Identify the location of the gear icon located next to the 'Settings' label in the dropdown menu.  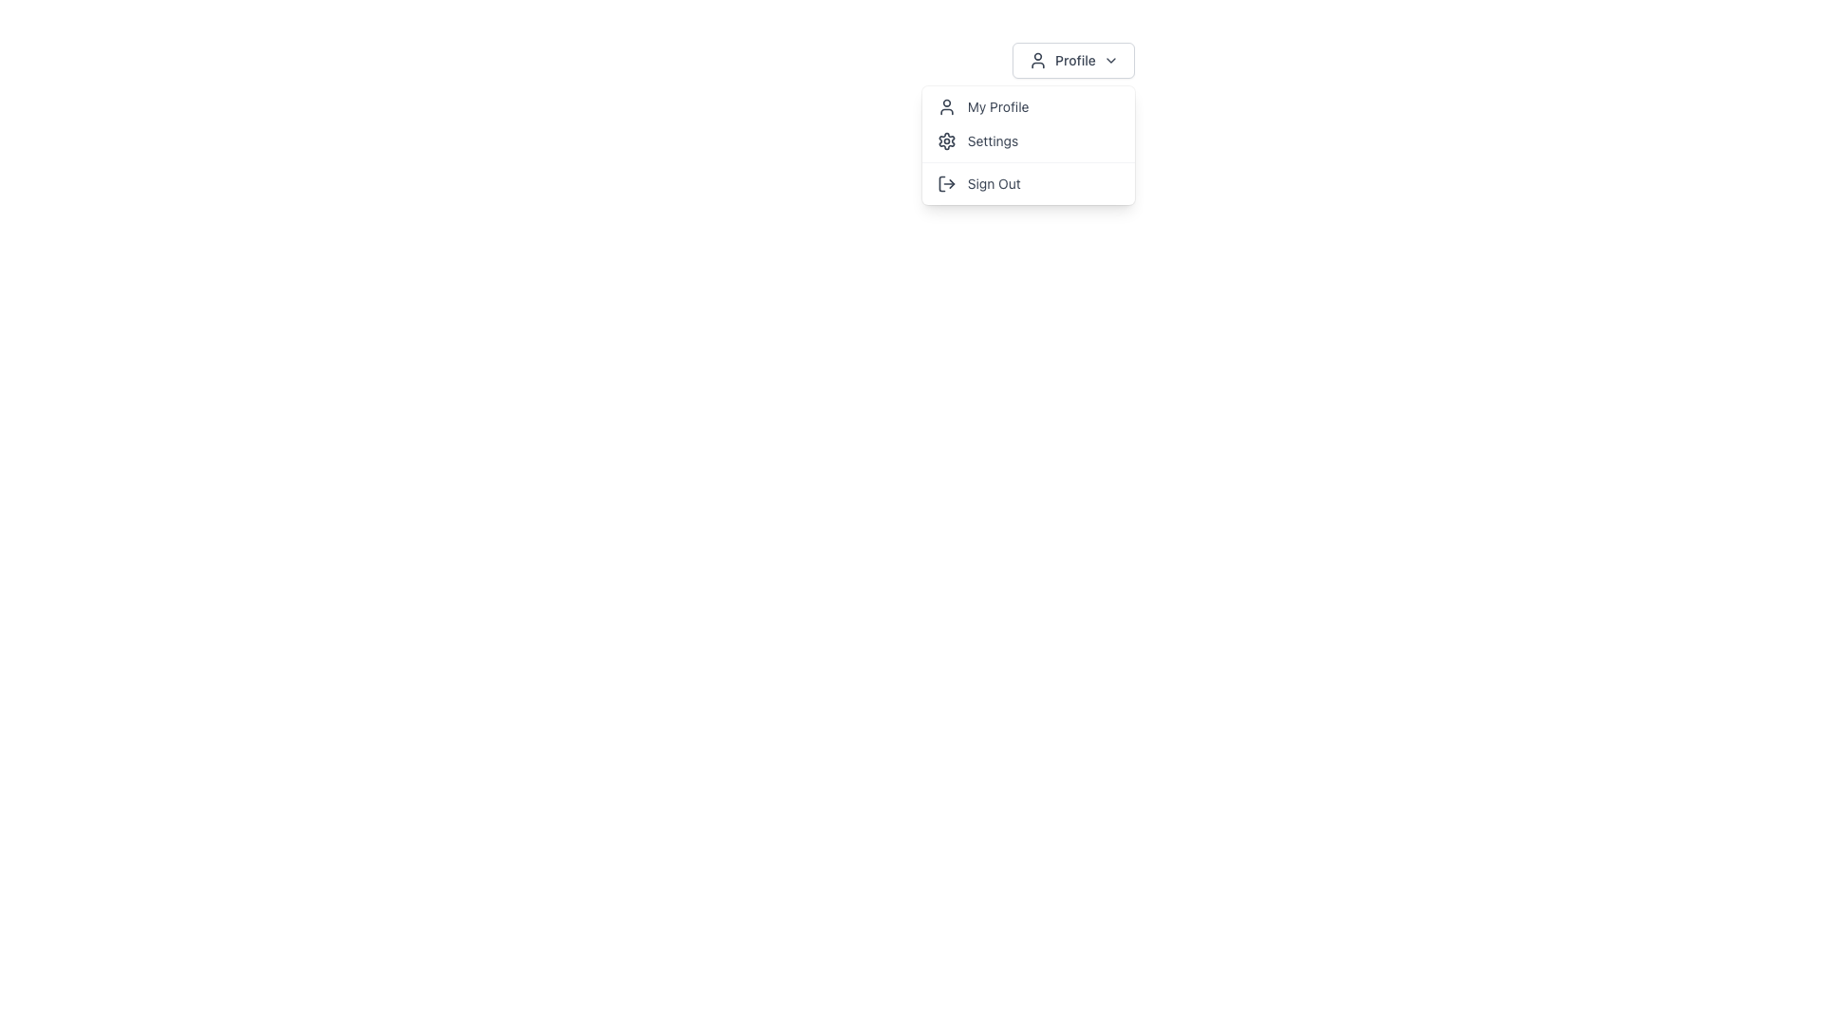
(946, 140).